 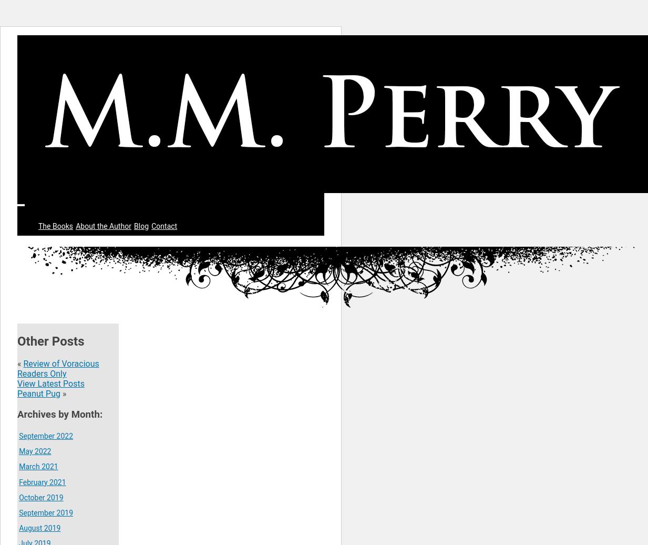 What do you see at coordinates (50, 383) in the screenshot?
I see `'View Latest Posts'` at bounding box center [50, 383].